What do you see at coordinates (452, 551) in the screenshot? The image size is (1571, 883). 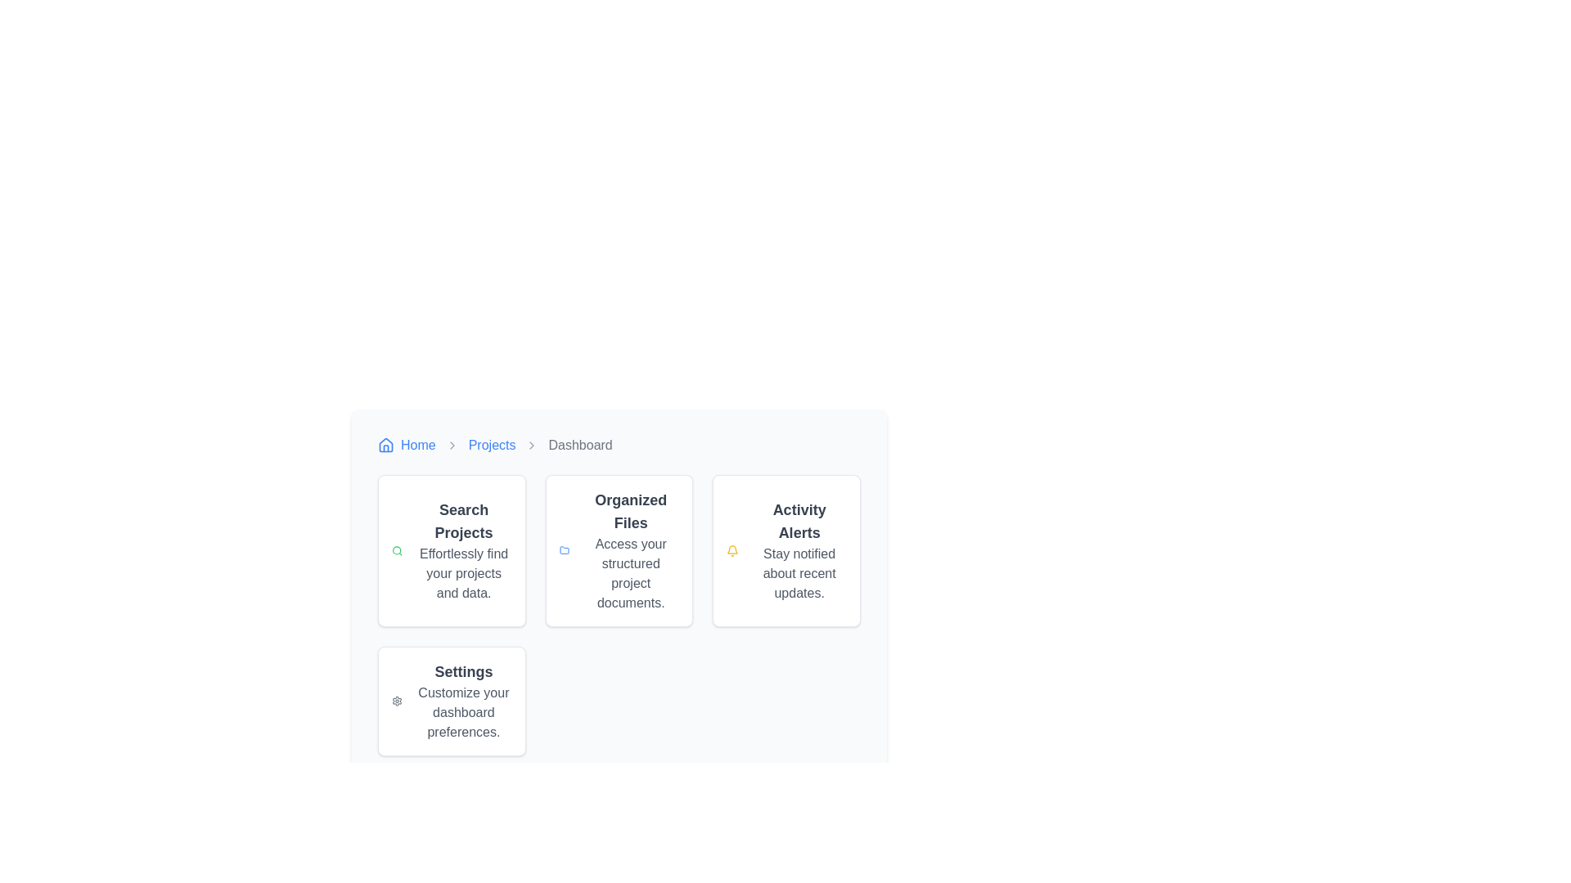 I see `the green search icon on the first card labeled 'Search Projects', which is located in the top left corner of the layout` at bounding box center [452, 551].